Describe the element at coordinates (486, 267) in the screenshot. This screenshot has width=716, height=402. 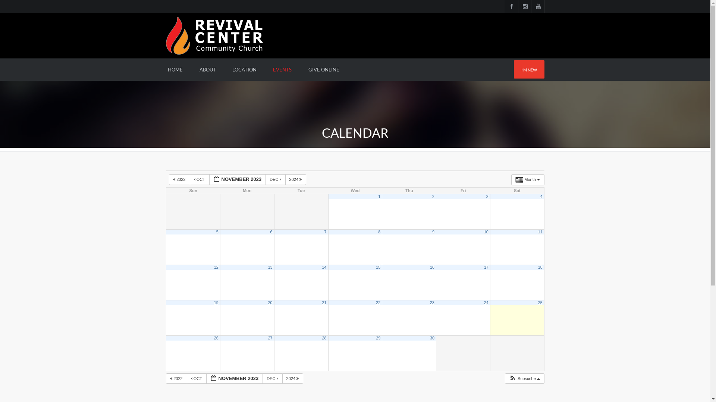
I see `'17'` at that location.